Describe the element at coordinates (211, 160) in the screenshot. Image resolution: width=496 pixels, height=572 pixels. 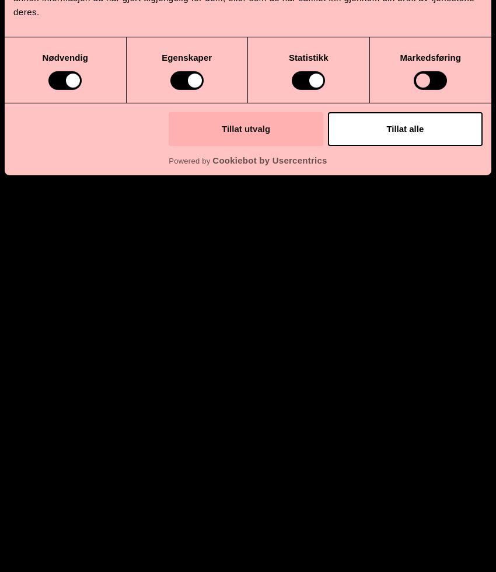
I see `'Cookiebot by Usercentrics'` at that location.